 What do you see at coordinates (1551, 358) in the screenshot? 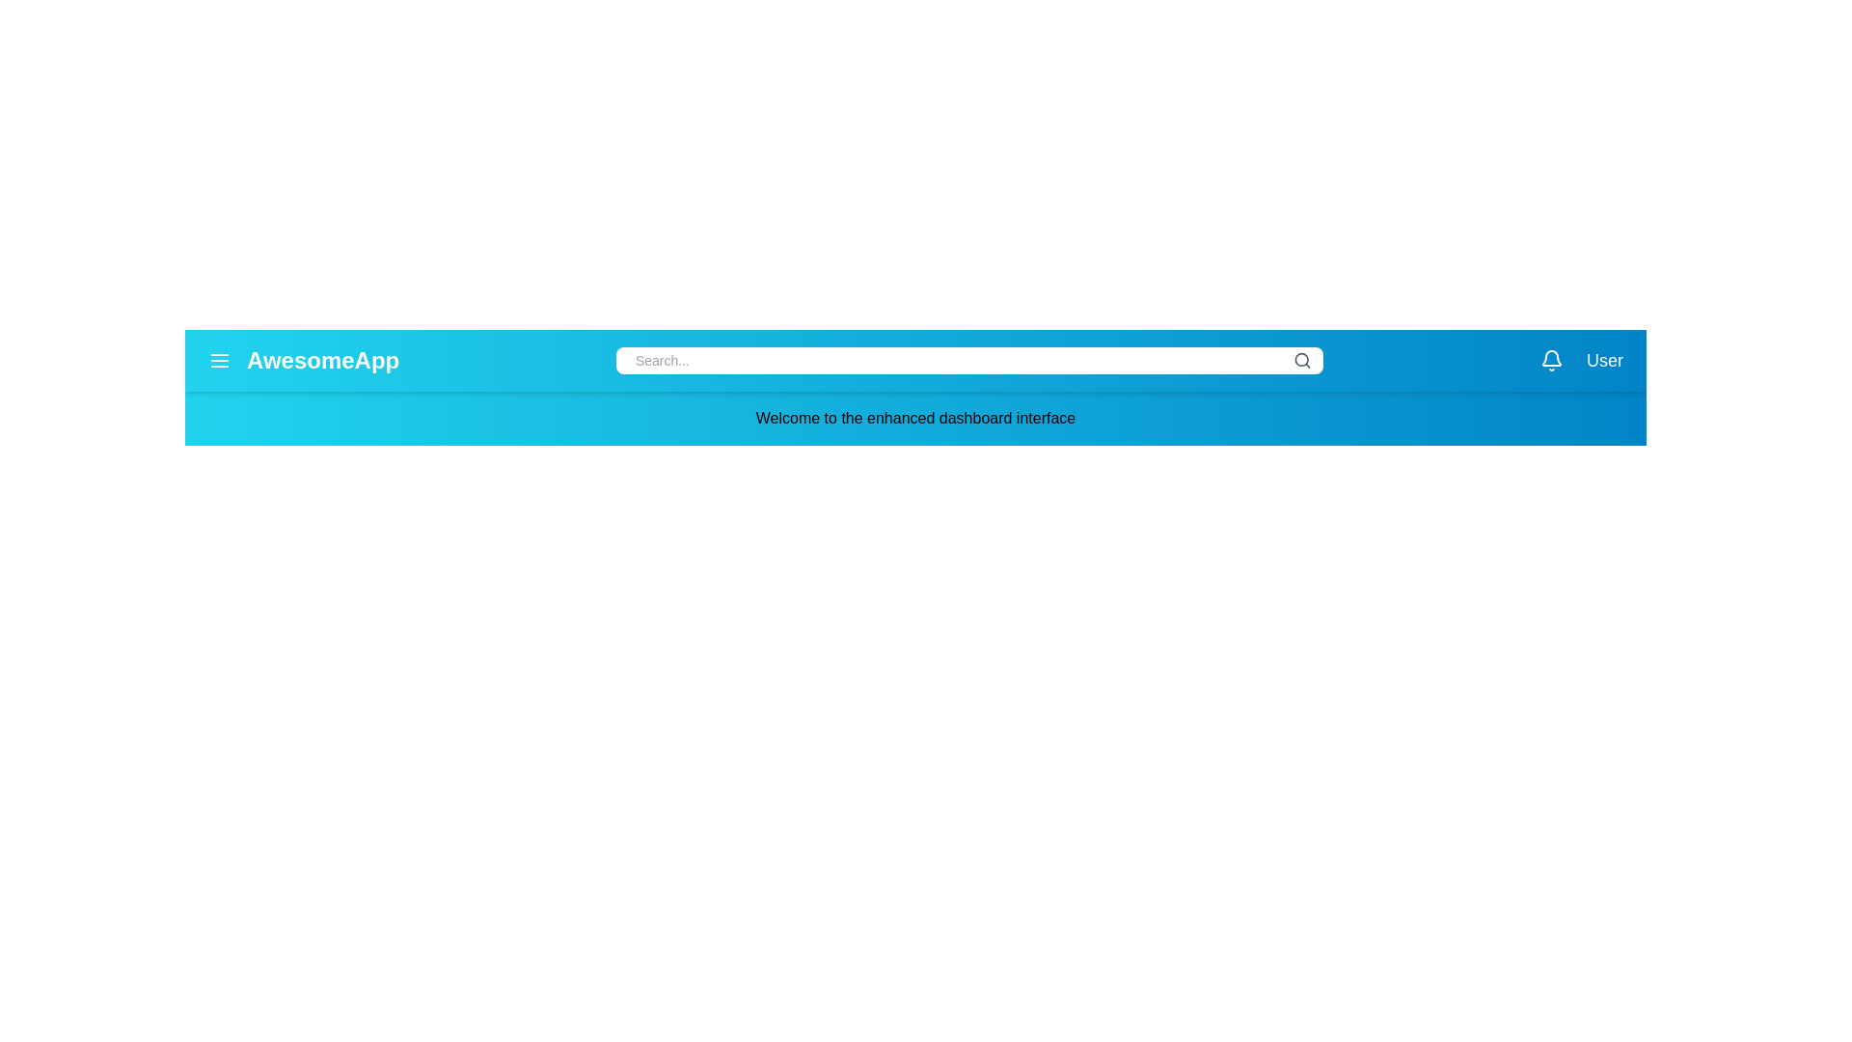
I see `the bell-shaped notification icon located on the top right corner of the header bar` at bounding box center [1551, 358].